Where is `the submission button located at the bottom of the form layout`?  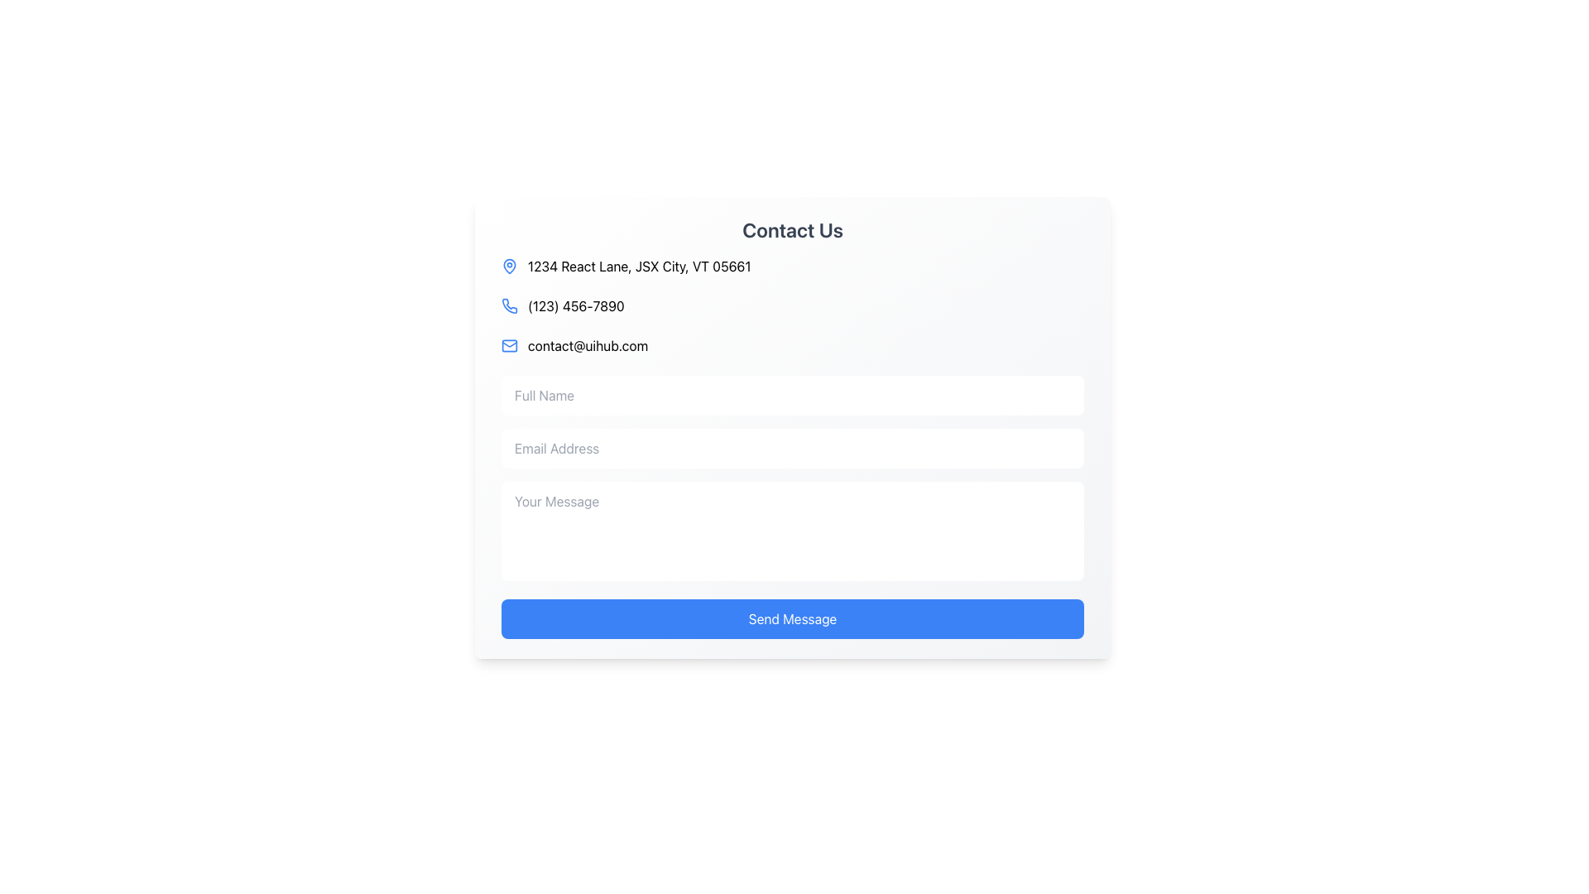
the submission button located at the bottom of the form layout is located at coordinates (792, 619).